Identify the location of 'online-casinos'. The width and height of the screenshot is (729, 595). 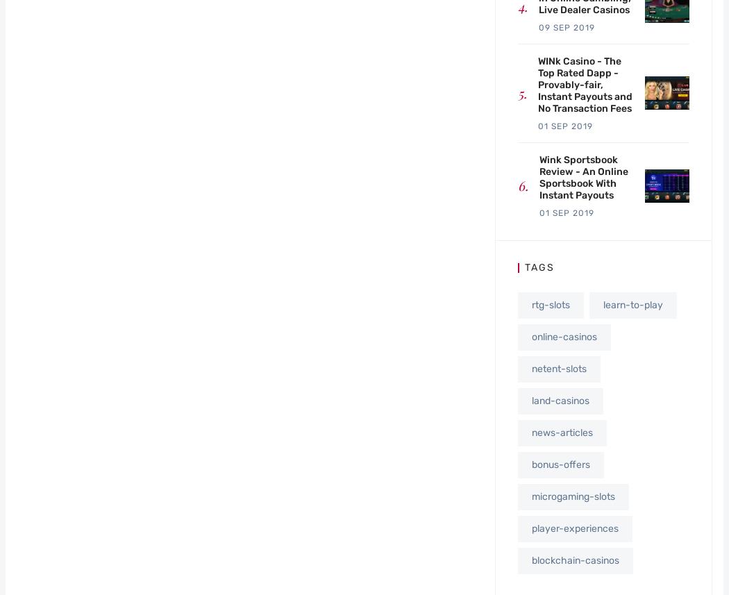
(531, 336).